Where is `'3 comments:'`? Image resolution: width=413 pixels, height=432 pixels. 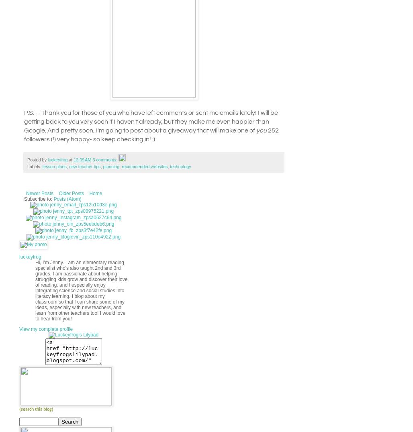 '3 comments:' is located at coordinates (92, 159).